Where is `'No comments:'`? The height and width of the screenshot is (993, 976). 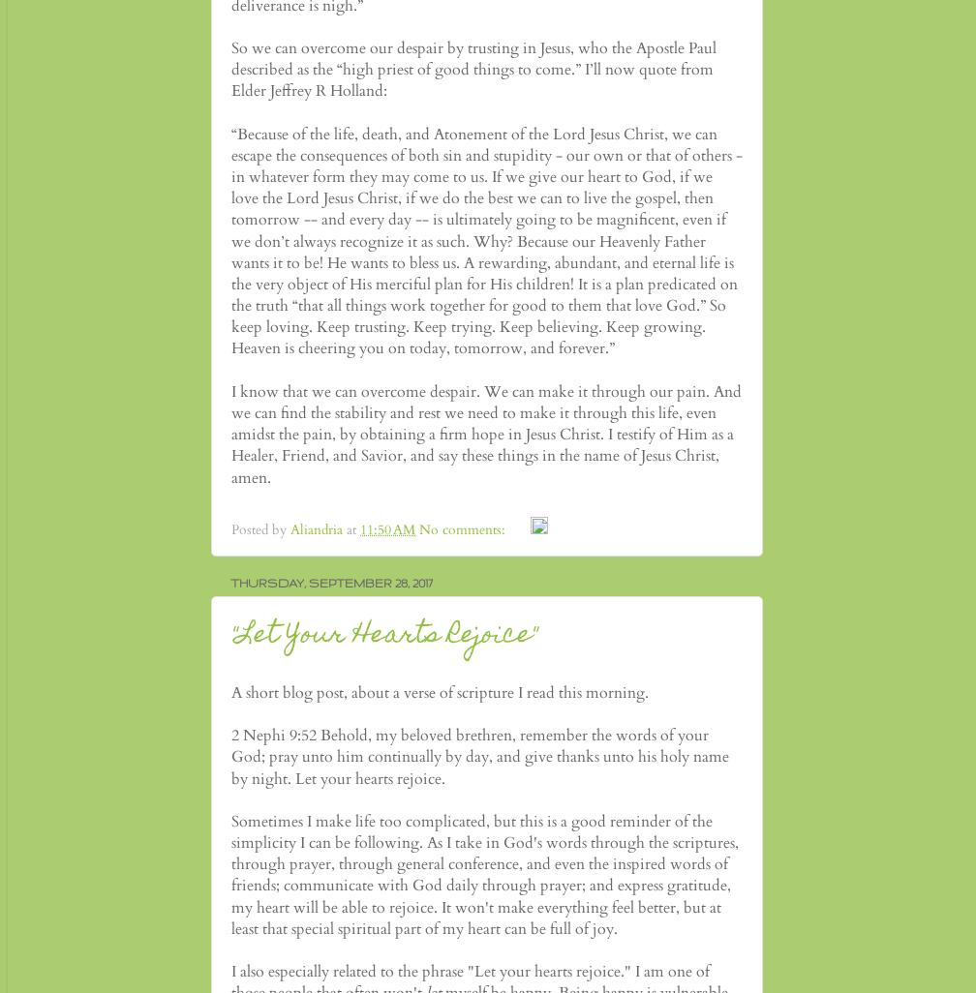 'No comments:' is located at coordinates (464, 529).